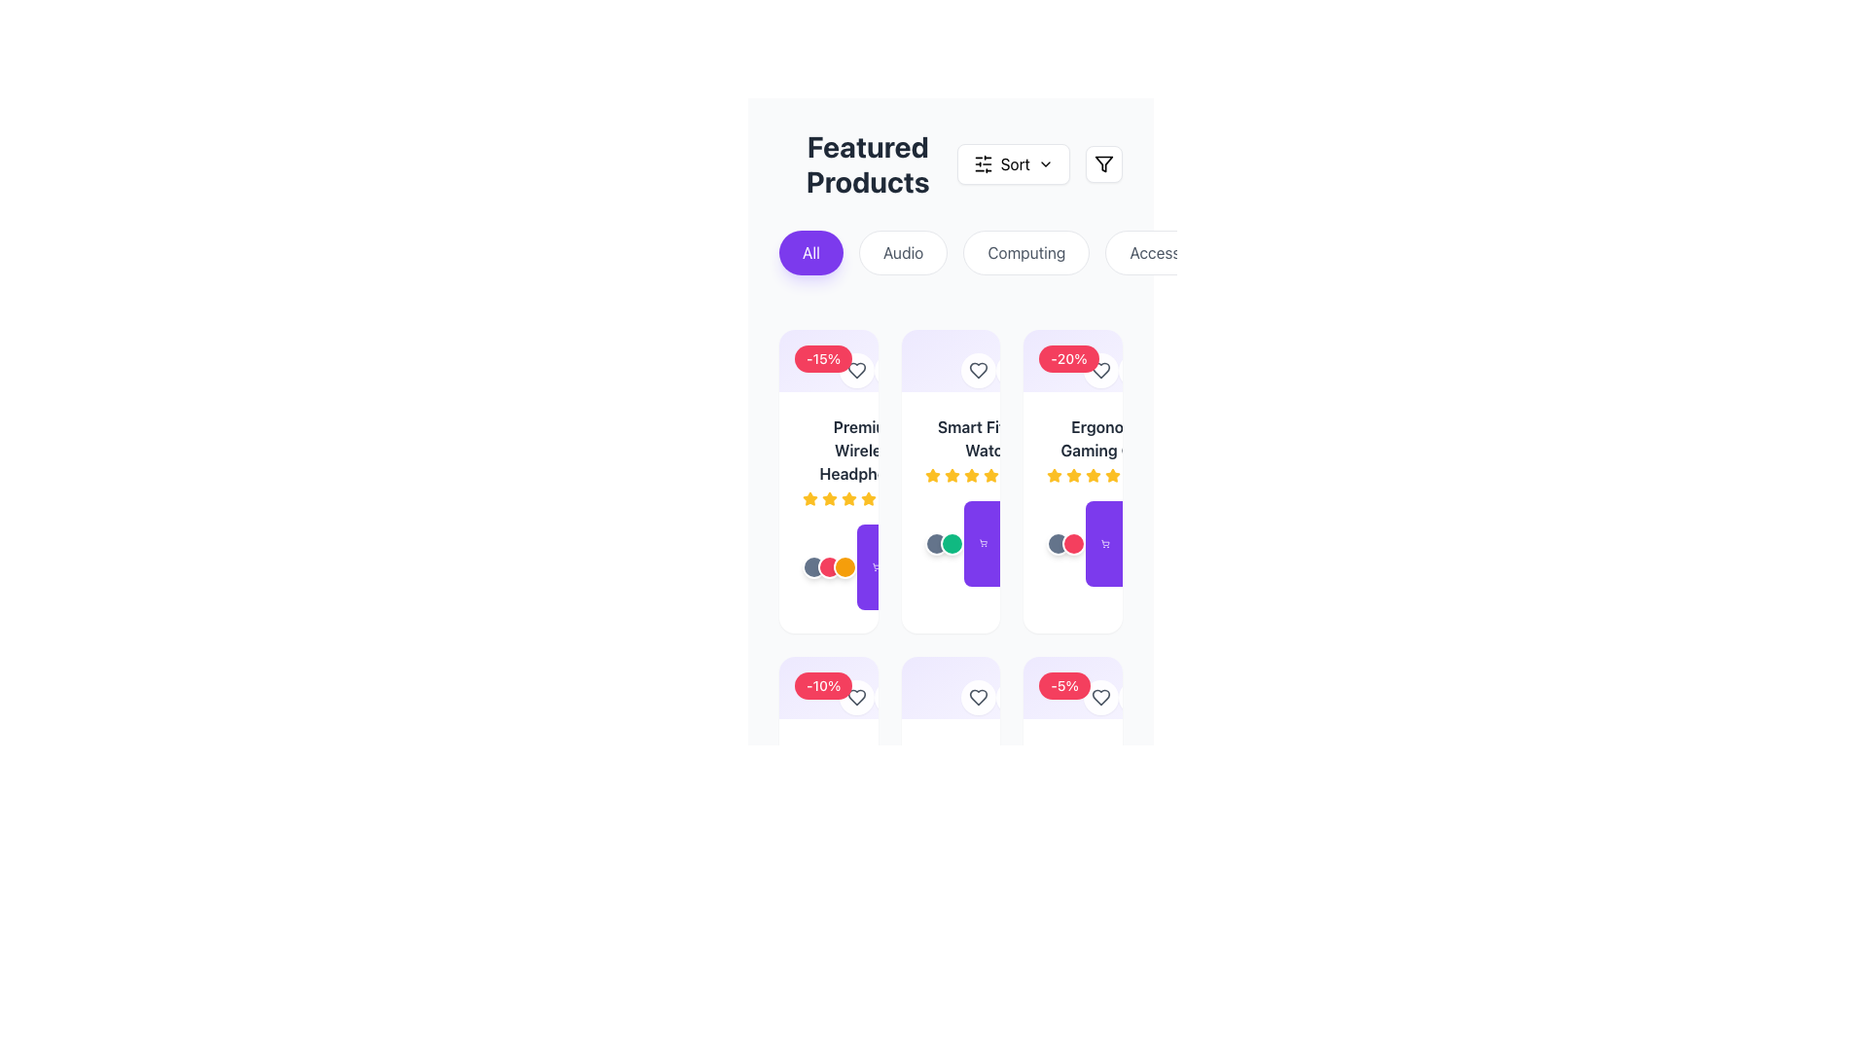 The width and height of the screenshot is (1868, 1051). Describe the element at coordinates (931, 476) in the screenshot. I see `the first star icon in the rating system of the 'Smart Fit Watch' card, which visually indicates a score of 4.8` at that location.